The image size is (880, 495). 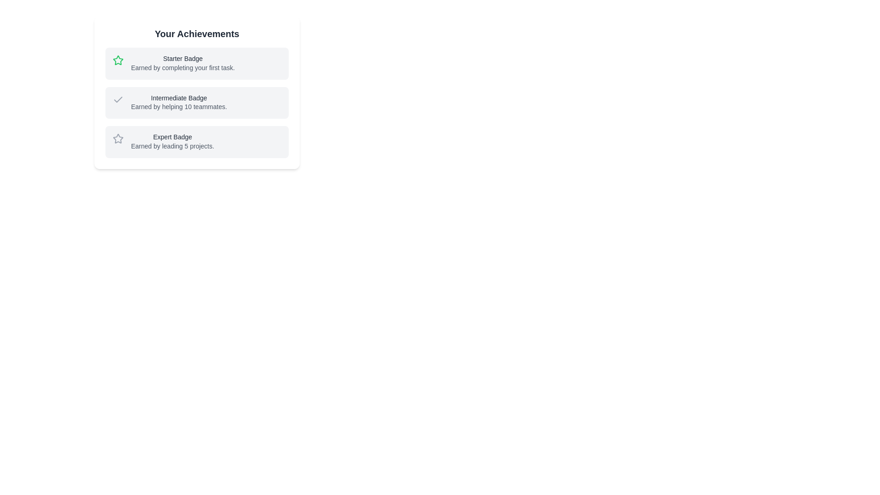 What do you see at coordinates (179, 103) in the screenshot?
I see `the achievement badge's title and description text label, which is centrally aligned and the second item in the user achievements list` at bounding box center [179, 103].